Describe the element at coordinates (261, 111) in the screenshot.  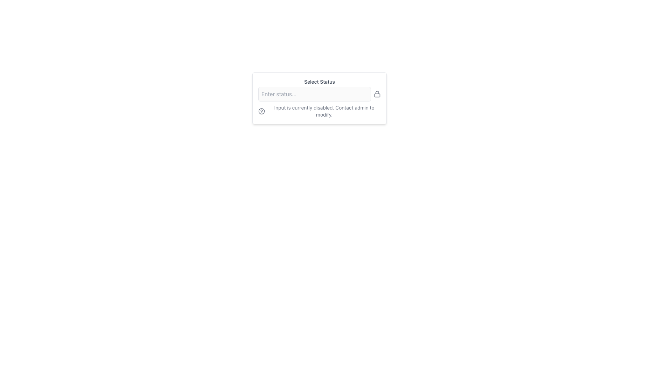
I see `the SVG Circle that visually represents the help icon related to the input field, which is centrally aligned within the 'Input Help' SVG element` at that location.